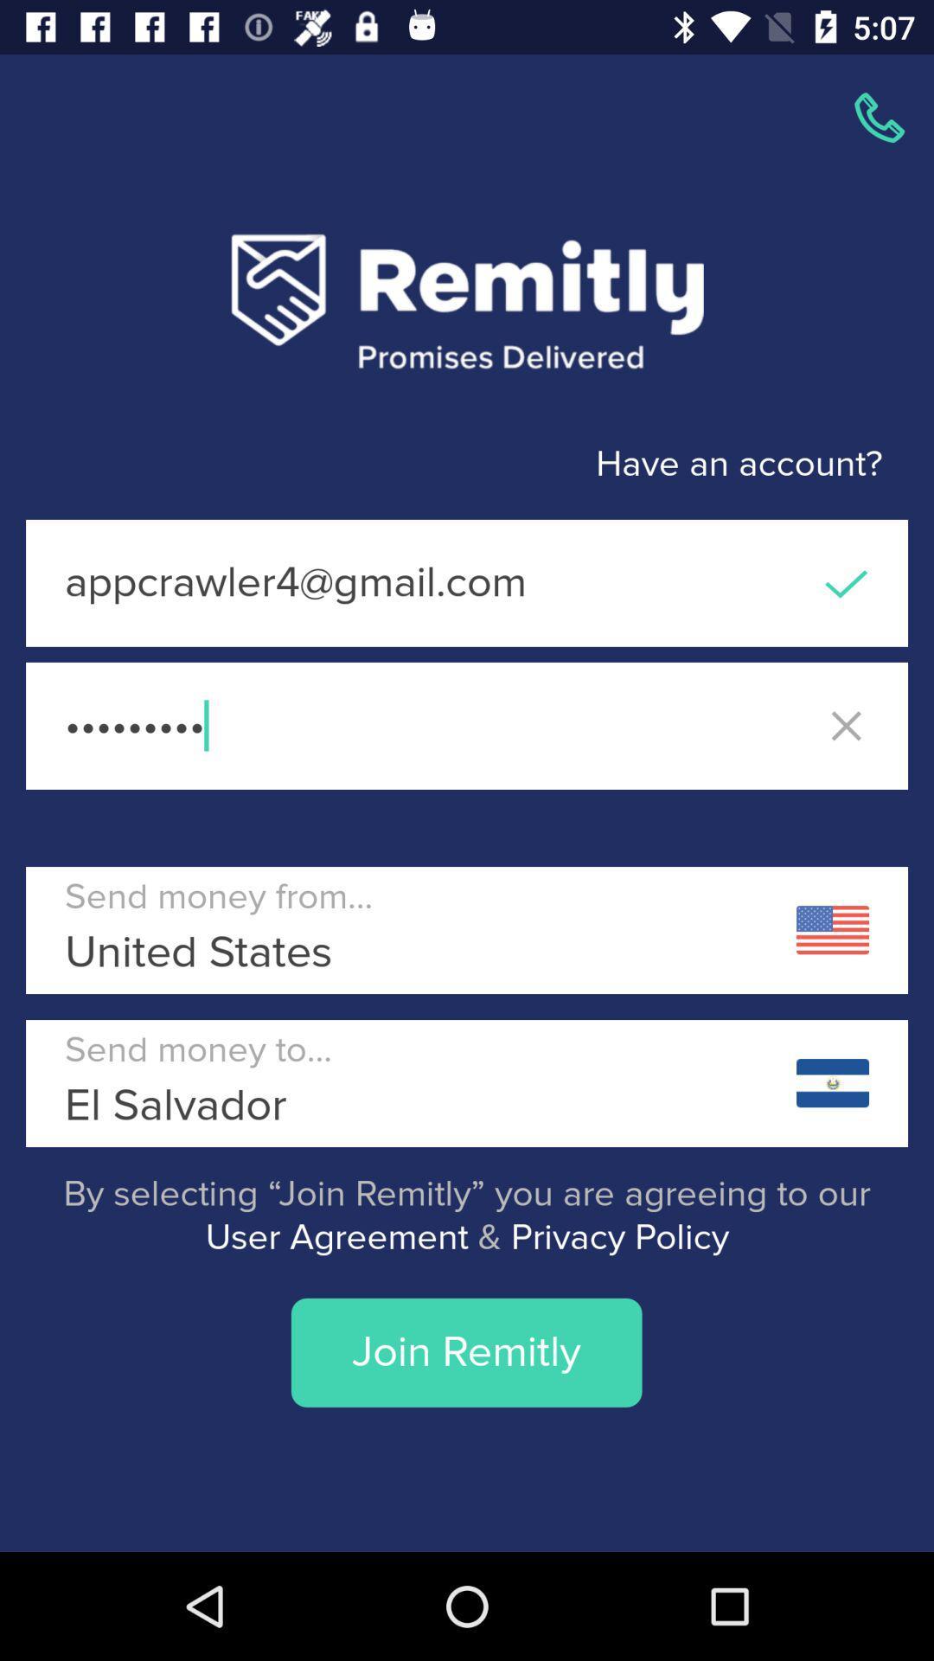  I want to click on item at the top right corner, so click(880, 117).